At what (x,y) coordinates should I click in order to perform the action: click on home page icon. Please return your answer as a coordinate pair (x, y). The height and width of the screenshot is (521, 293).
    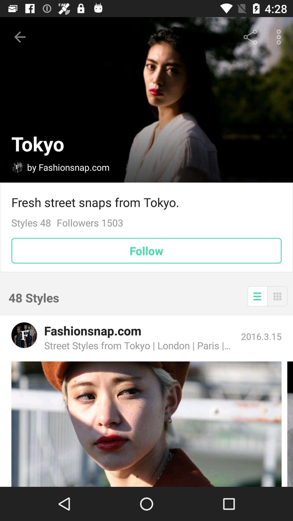
    Looking at the image, I should click on (17, 166).